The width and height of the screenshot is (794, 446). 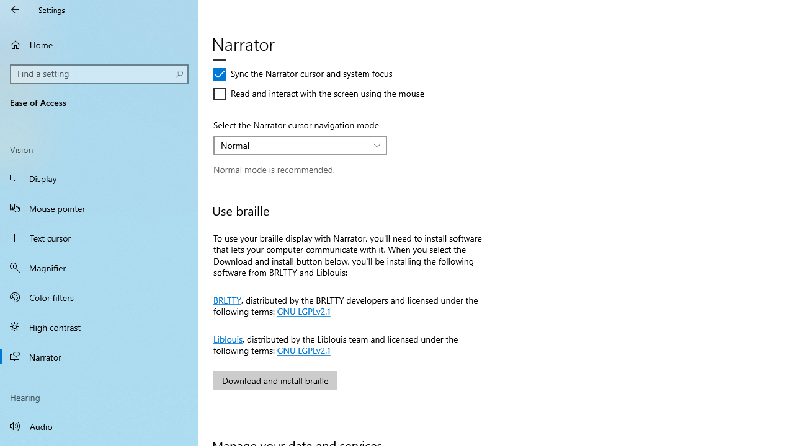 I want to click on 'Mouse pointer', so click(x=99, y=207).